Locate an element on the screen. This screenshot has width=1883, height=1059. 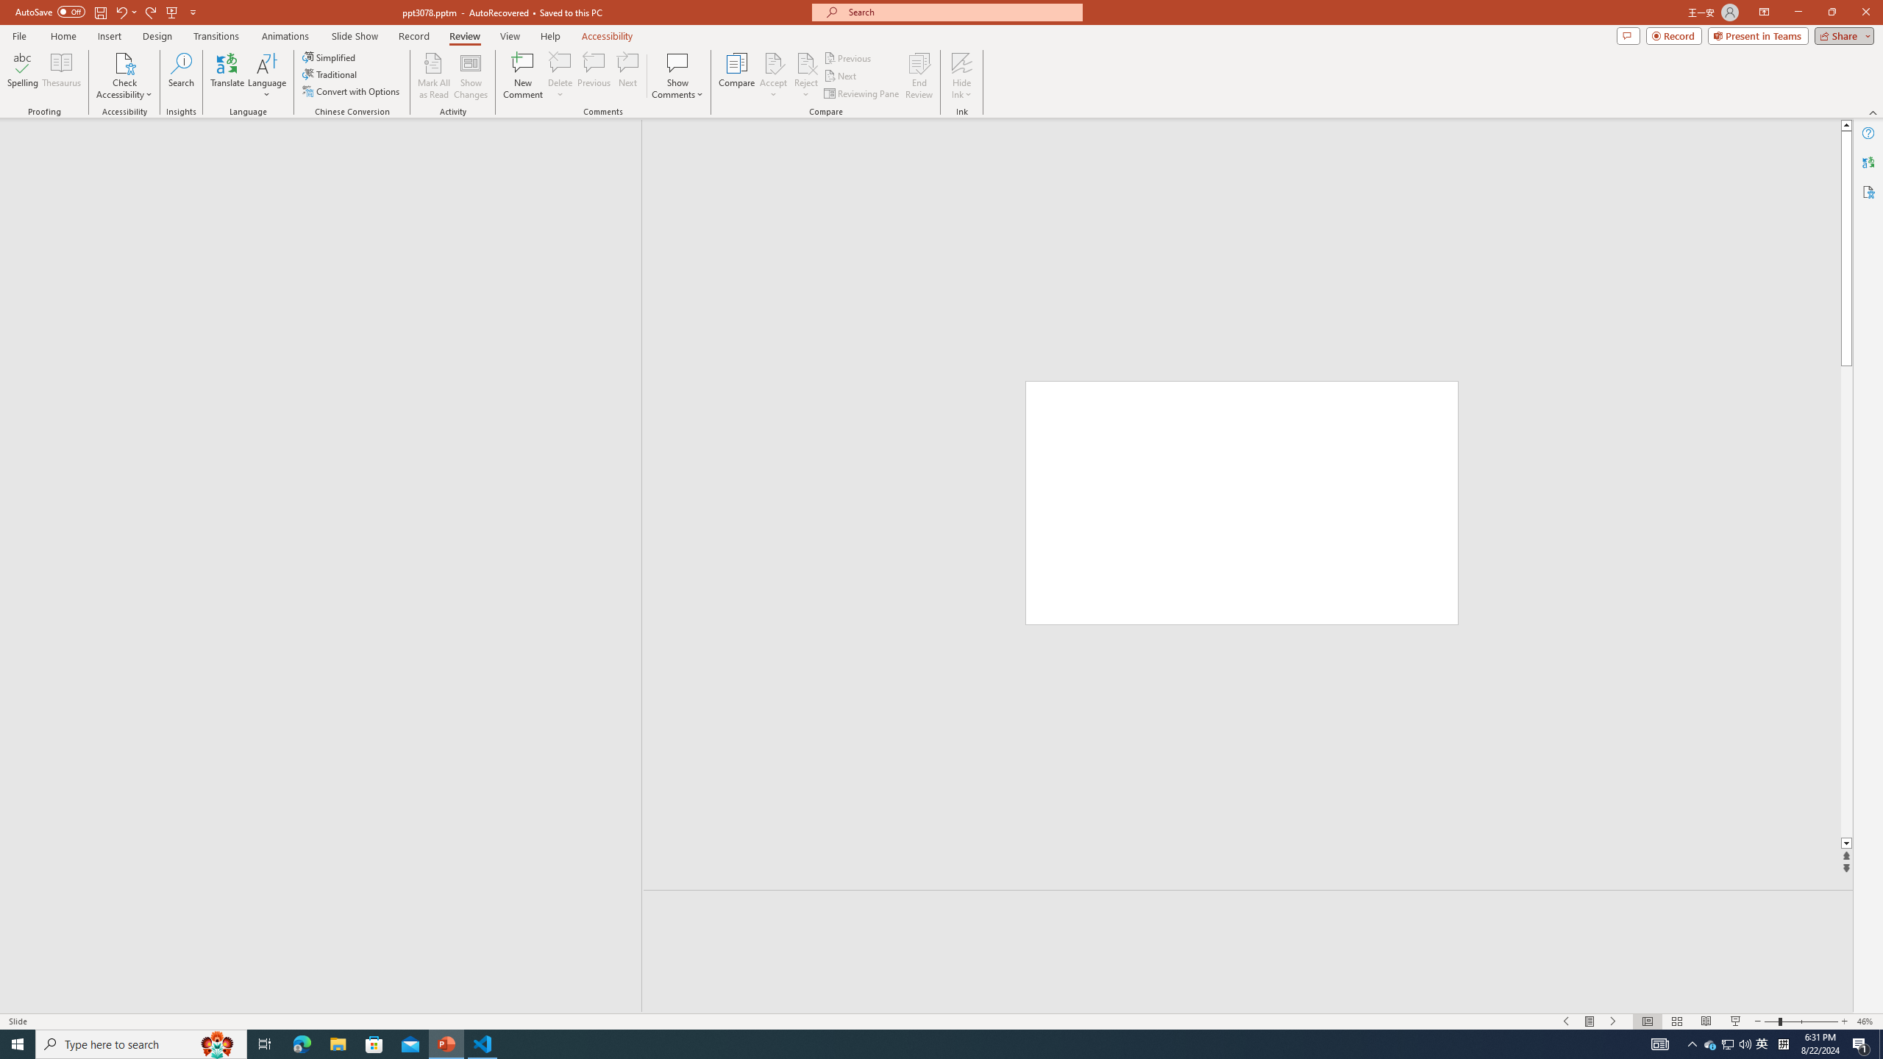
'Reject' is located at coordinates (805, 76).